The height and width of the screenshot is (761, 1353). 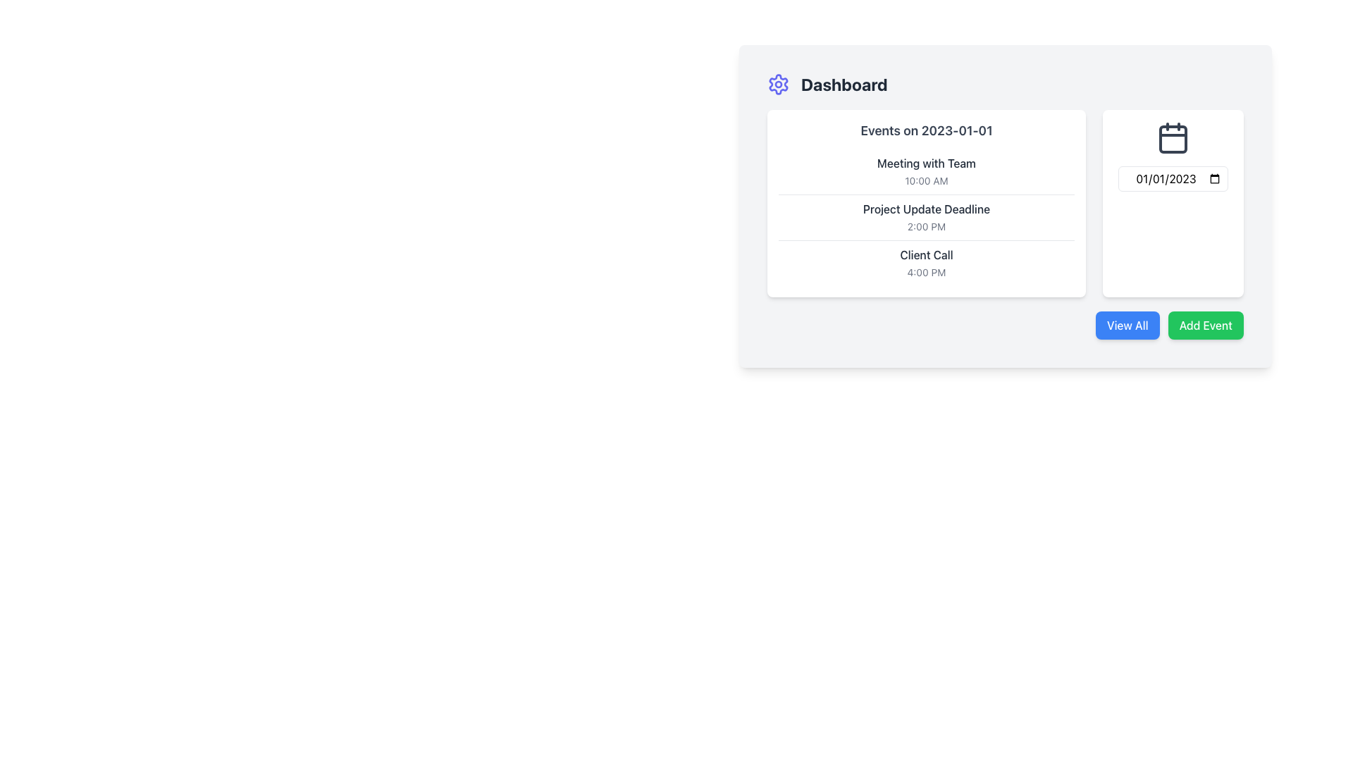 I want to click on the text label 'Meeting with Team', so click(x=927, y=162).